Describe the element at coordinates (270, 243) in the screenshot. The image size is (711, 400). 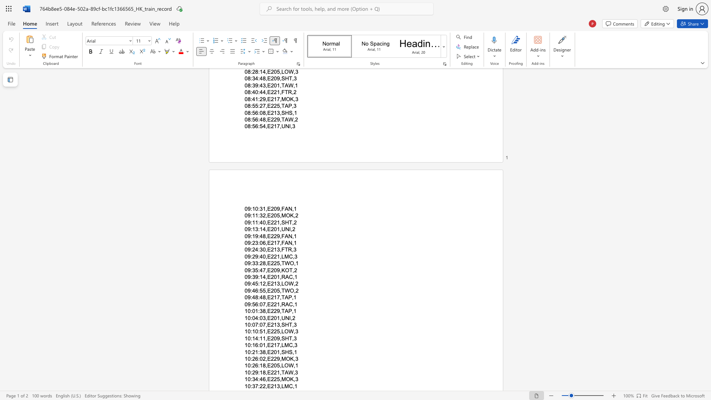
I see `the subset text "217" within the text "09:23:06,E217,FAN,1"` at that location.